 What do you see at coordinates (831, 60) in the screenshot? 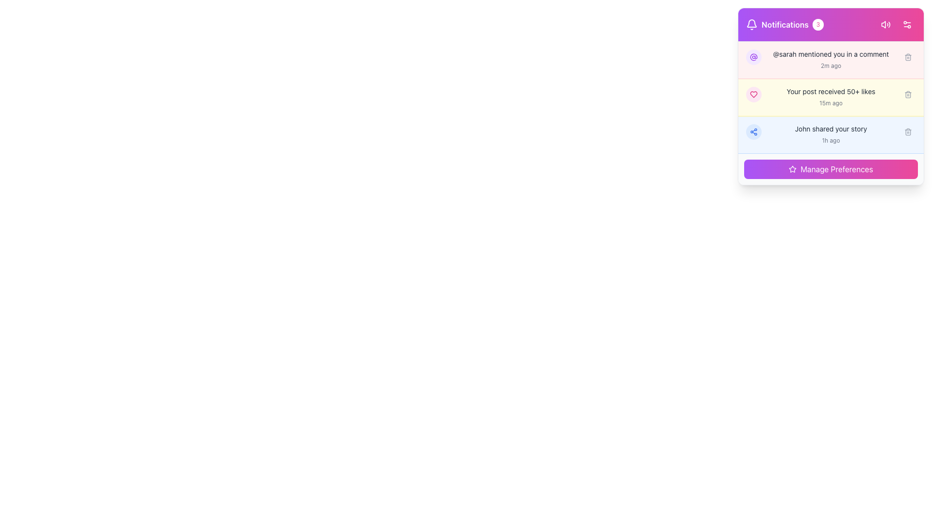
I see `notification content from the notification card stating '@sarah mentioned you in a comment' located at the top-right corner of the interface` at bounding box center [831, 60].